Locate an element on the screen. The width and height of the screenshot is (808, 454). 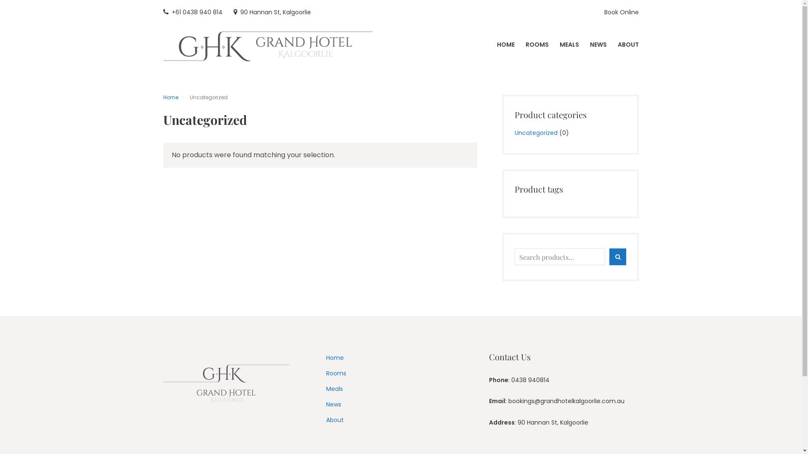
'Search' is located at coordinates (610, 257).